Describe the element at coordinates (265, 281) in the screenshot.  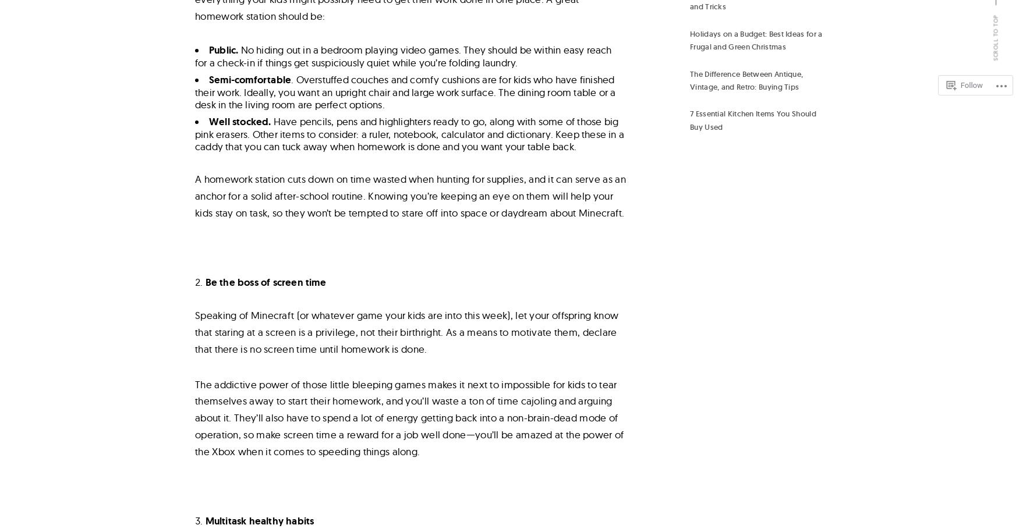
I see `'Be the boss of screen time'` at that location.